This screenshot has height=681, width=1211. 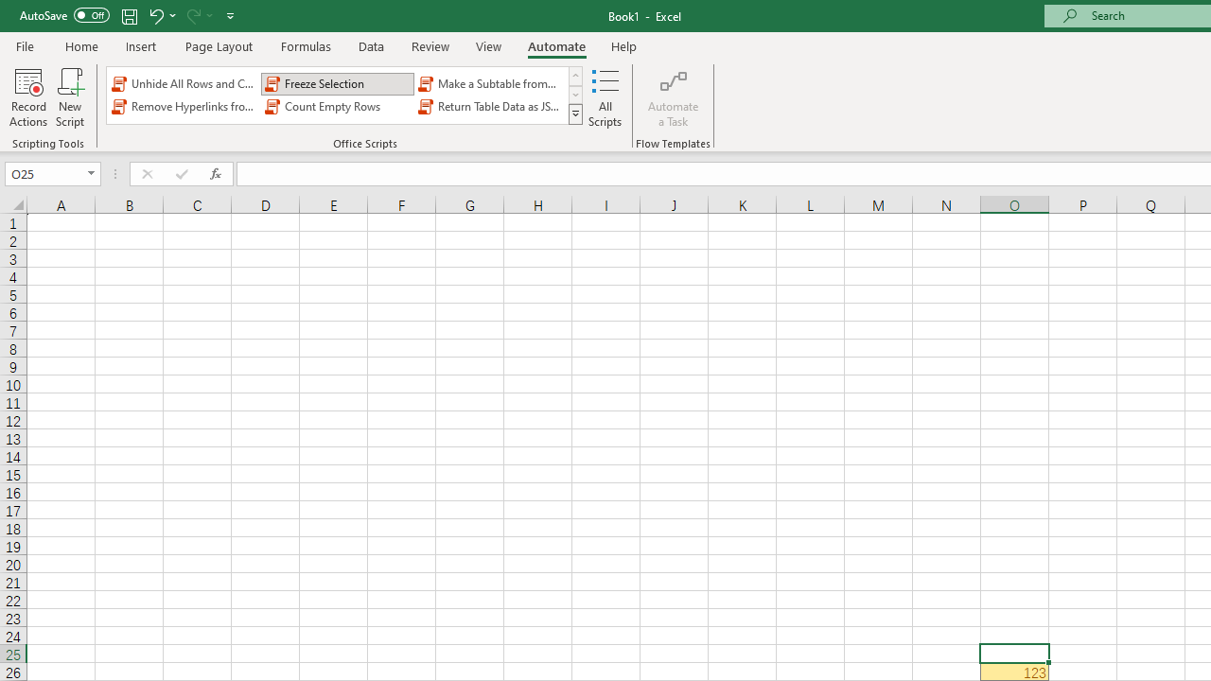 What do you see at coordinates (491, 82) in the screenshot?
I see `'Make a Subtable from a Selection'` at bounding box center [491, 82].